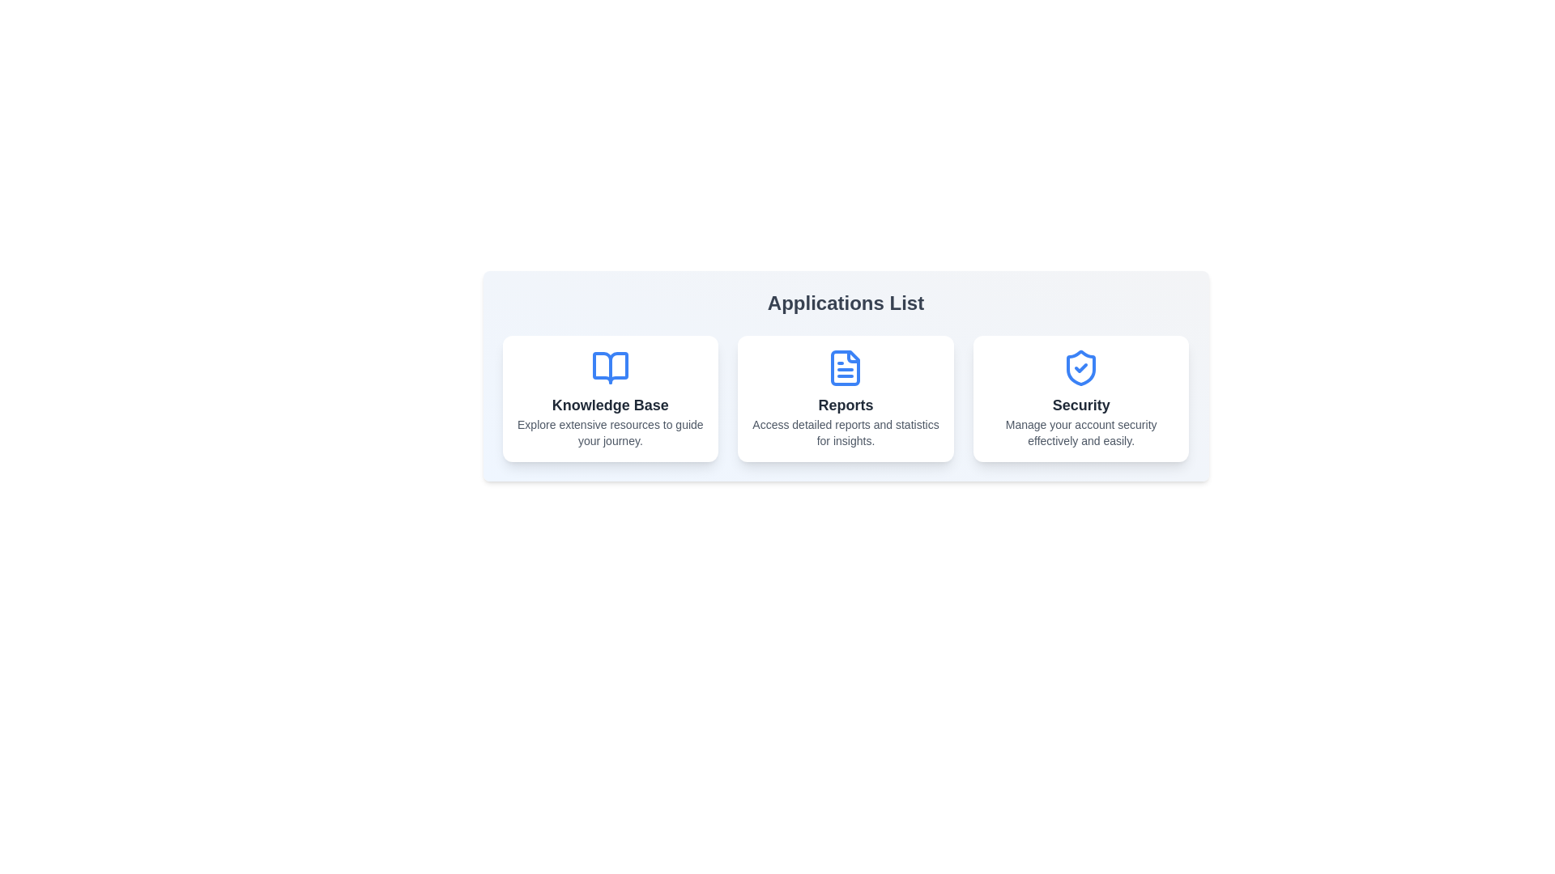 The width and height of the screenshot is (1555, 874). I want to click on the card titled Security to observe the hover effect, so click(1081, 399).